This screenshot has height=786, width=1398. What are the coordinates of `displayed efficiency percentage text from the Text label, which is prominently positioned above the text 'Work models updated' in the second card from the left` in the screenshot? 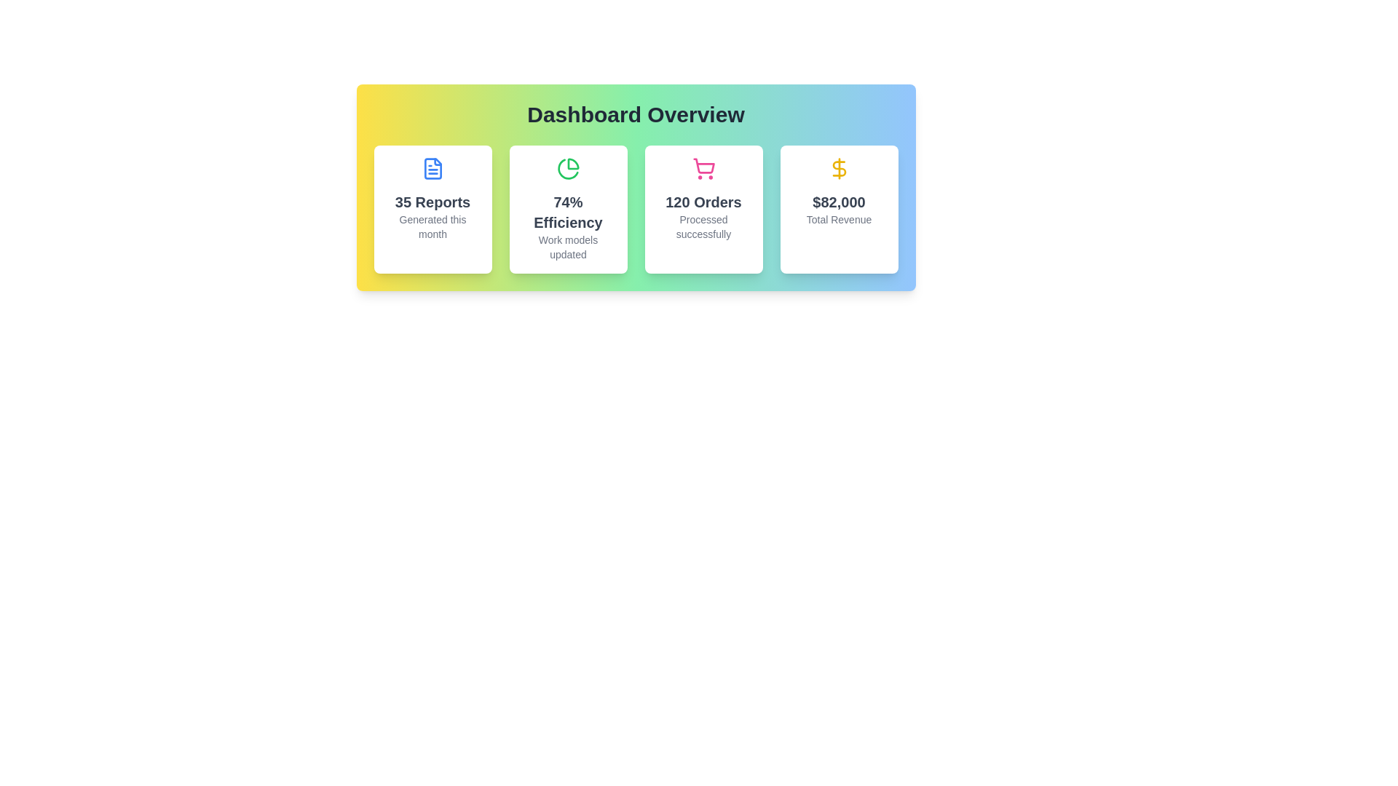 It's located at (567, 213).